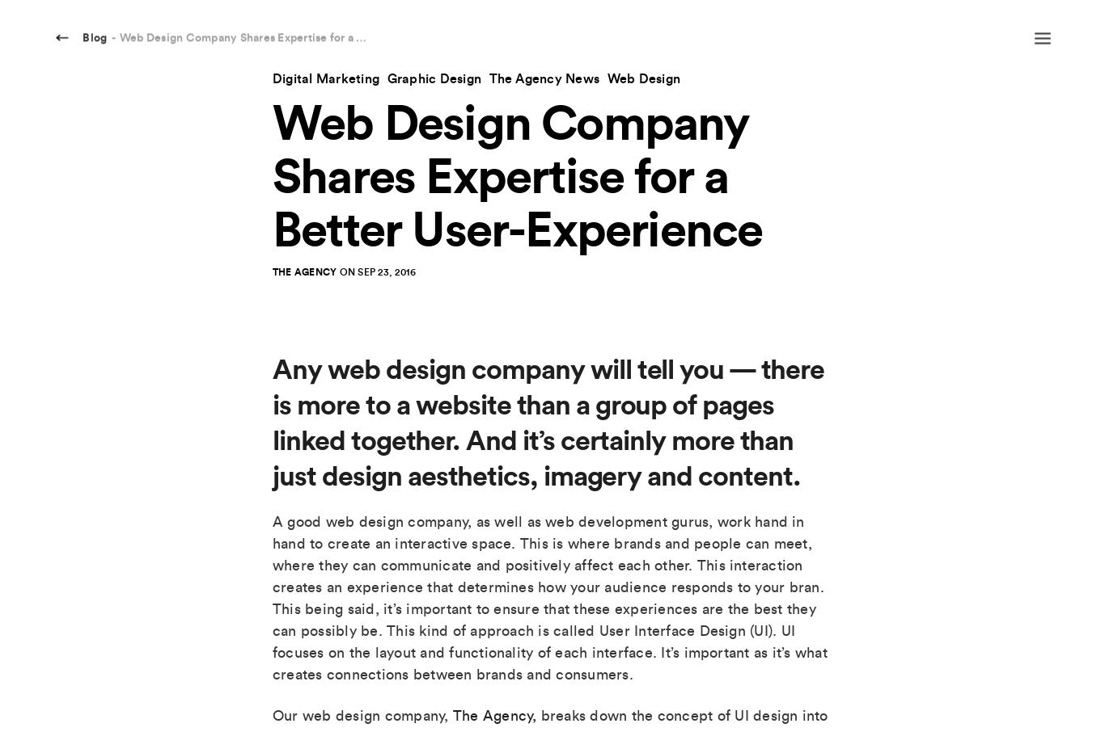  What do you see at coordinates (586, 509) in the screenshot?
I see `'OUR SERVICES'` at bounding box center [586, 509].